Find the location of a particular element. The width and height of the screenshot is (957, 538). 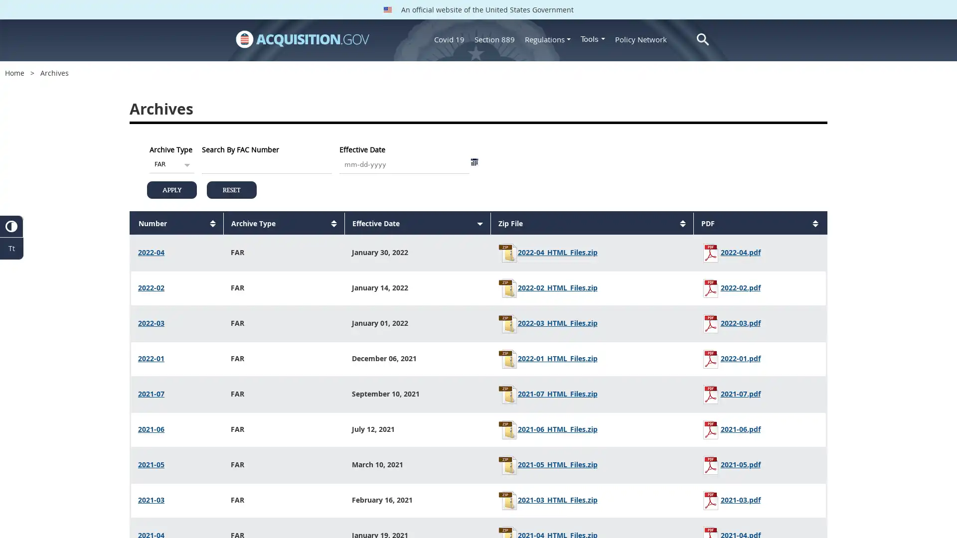

Reset is located at coordinates (231, 190).